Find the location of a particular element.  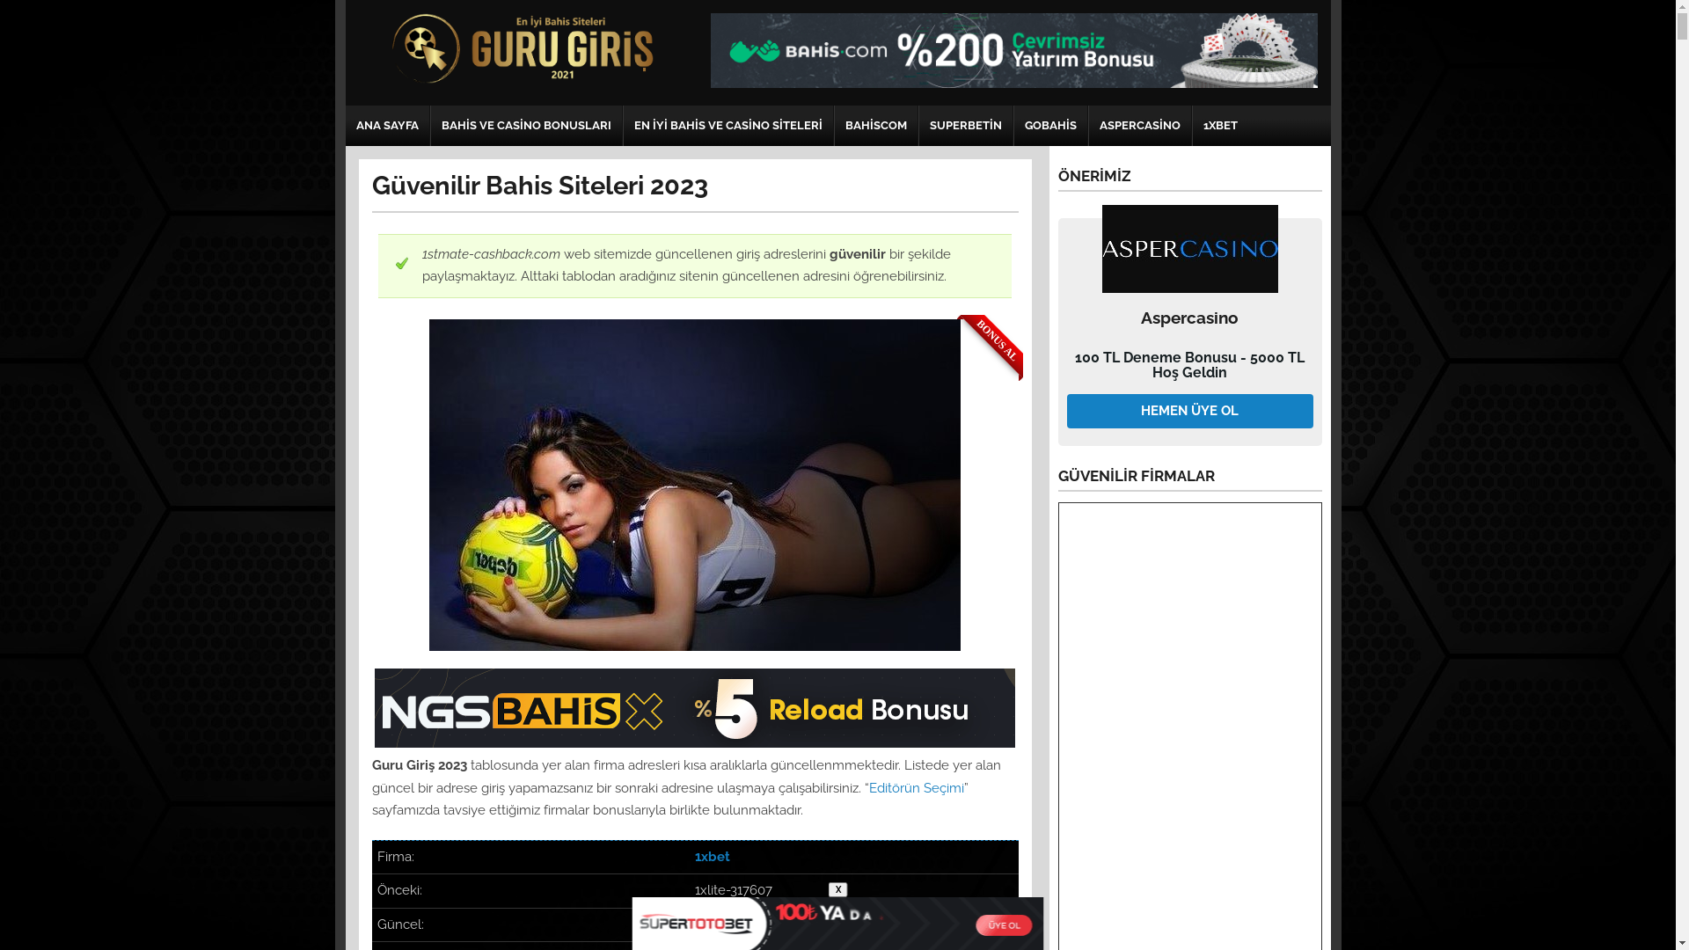

'BAHIS VE CASINO BONUSLARI' is located at coordinates (525, 124).